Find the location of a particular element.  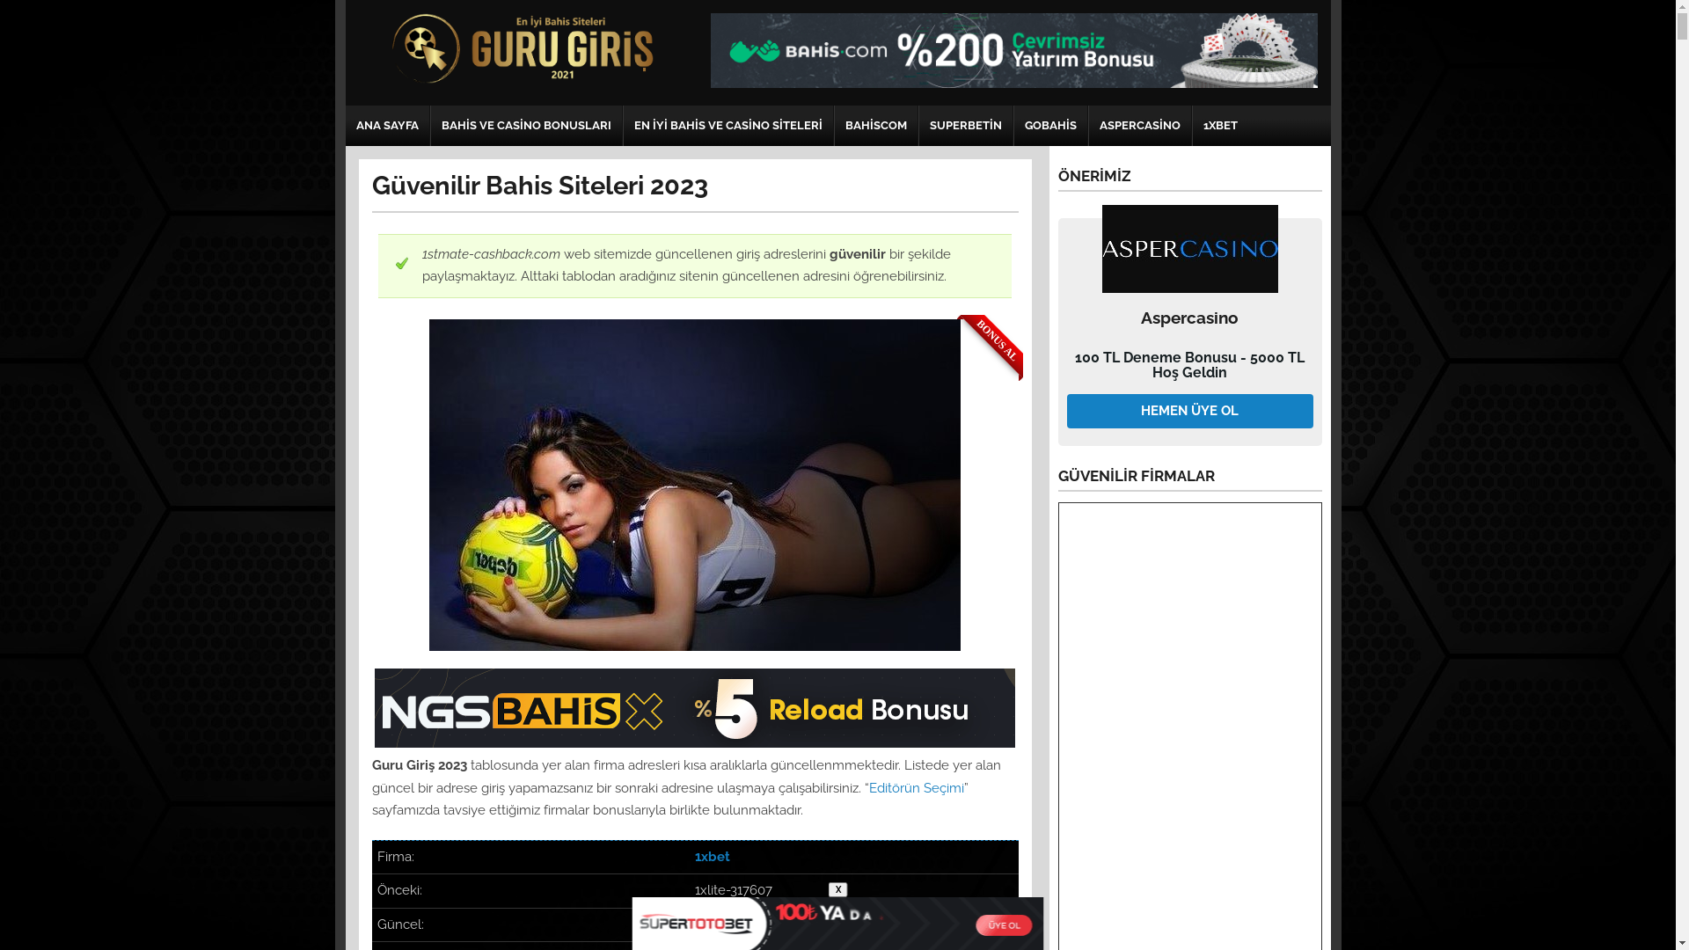

'BAHIS VE CASINO BONUSLARI' is located at coordinates (525, 124).